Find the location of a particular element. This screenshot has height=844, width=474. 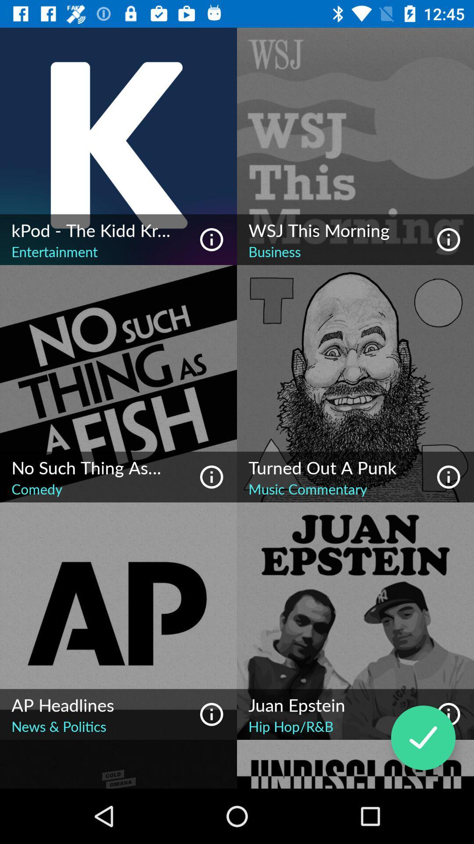

the check icon is located at coordinates (423, 738).